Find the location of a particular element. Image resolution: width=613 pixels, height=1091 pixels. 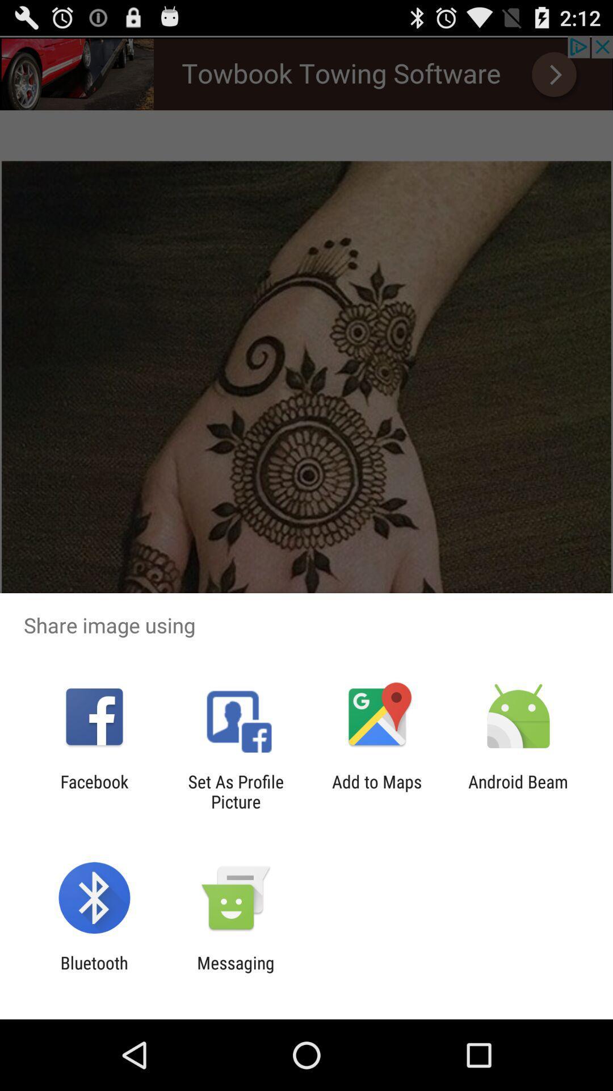

the item to the right of the facebook icon is located at coordinates (235, 791).